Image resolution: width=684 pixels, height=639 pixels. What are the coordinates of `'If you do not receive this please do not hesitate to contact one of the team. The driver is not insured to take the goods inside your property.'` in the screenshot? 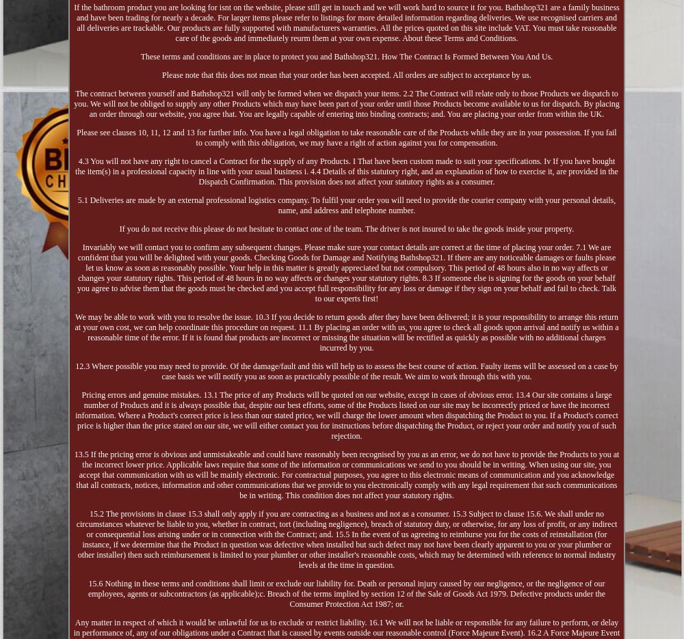 It's located at (346, 228).